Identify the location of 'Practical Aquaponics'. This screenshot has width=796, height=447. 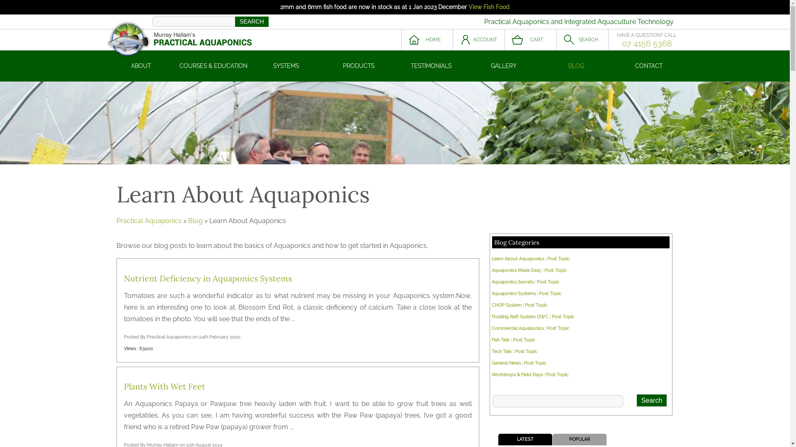
(148, 220).